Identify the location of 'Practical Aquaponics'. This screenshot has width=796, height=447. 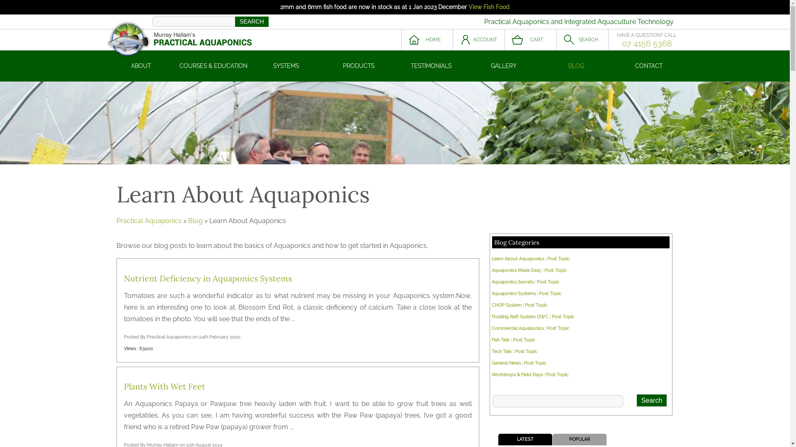
(148, 220).